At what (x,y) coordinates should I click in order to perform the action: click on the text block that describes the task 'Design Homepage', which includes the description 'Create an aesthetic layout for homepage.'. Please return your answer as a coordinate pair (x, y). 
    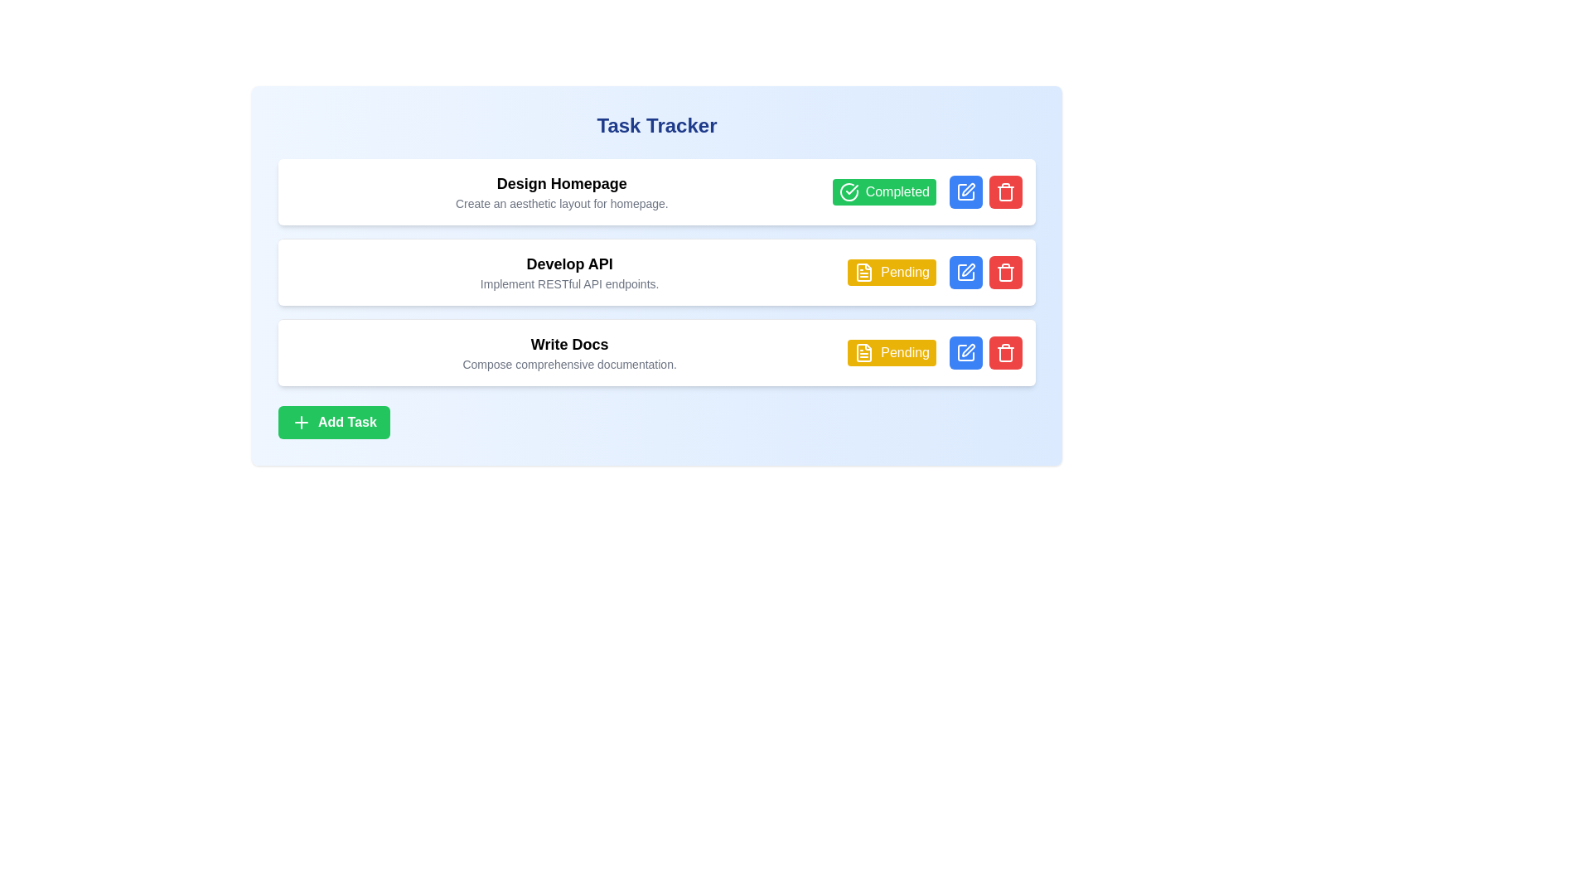
    Looking at the image, I should click on (562, 191).